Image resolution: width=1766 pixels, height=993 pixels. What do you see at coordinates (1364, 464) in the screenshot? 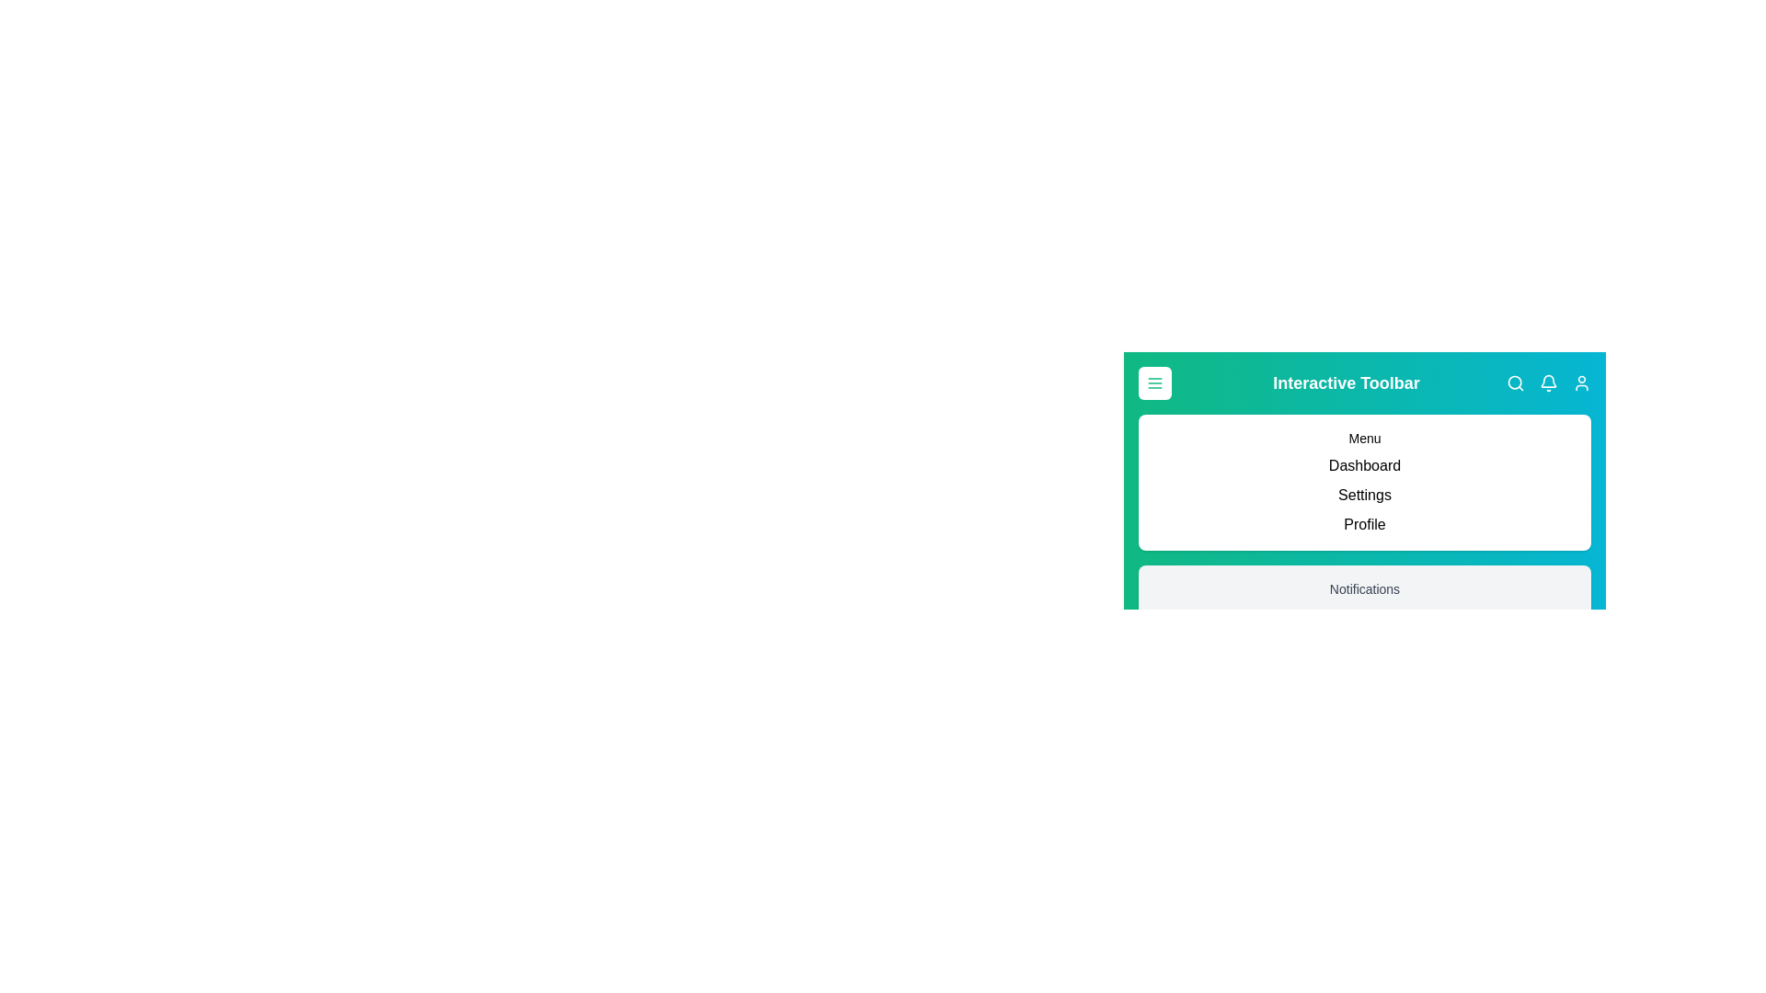
I see `the menu item Dashboard to navigate to the respective section` at bounding box center [1364, 464].